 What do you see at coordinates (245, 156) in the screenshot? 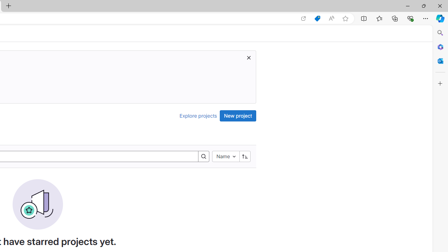
I see `'Sort direction: Ascending'` at bounding box center [245, 156].